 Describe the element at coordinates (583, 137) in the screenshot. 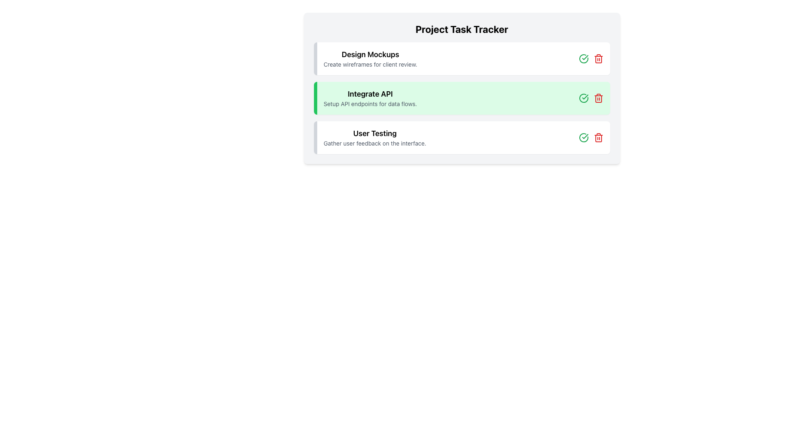

I see `the circular green checkmark icon located next to the red trash bin icon in the 'Integrate API' list item of the 'Project Task Tracker' interface` at that location.